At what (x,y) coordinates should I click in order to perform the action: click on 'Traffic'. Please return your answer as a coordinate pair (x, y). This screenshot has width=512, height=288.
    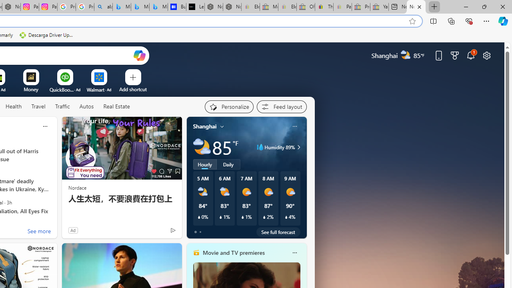
    Looking at the image, I should click on (62, 106).